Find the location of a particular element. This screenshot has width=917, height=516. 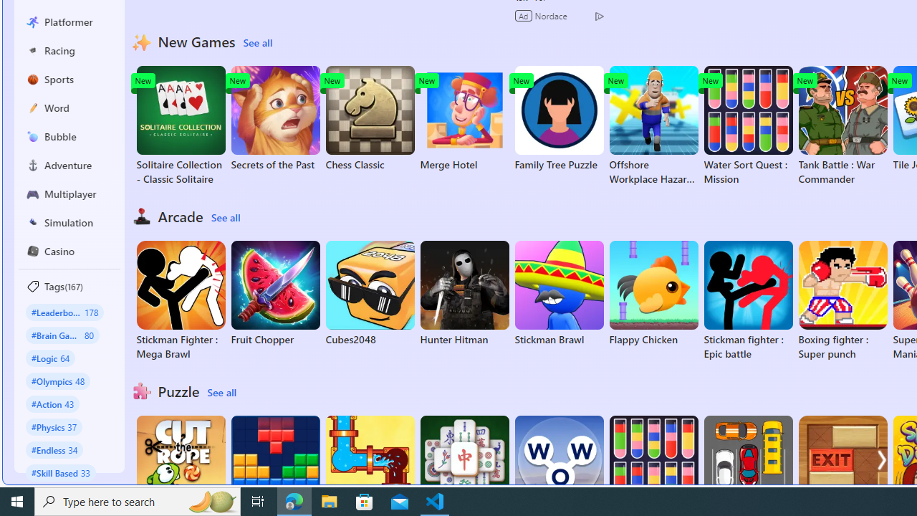

'#Brain Games 80' is located at coordinates (62, 335).